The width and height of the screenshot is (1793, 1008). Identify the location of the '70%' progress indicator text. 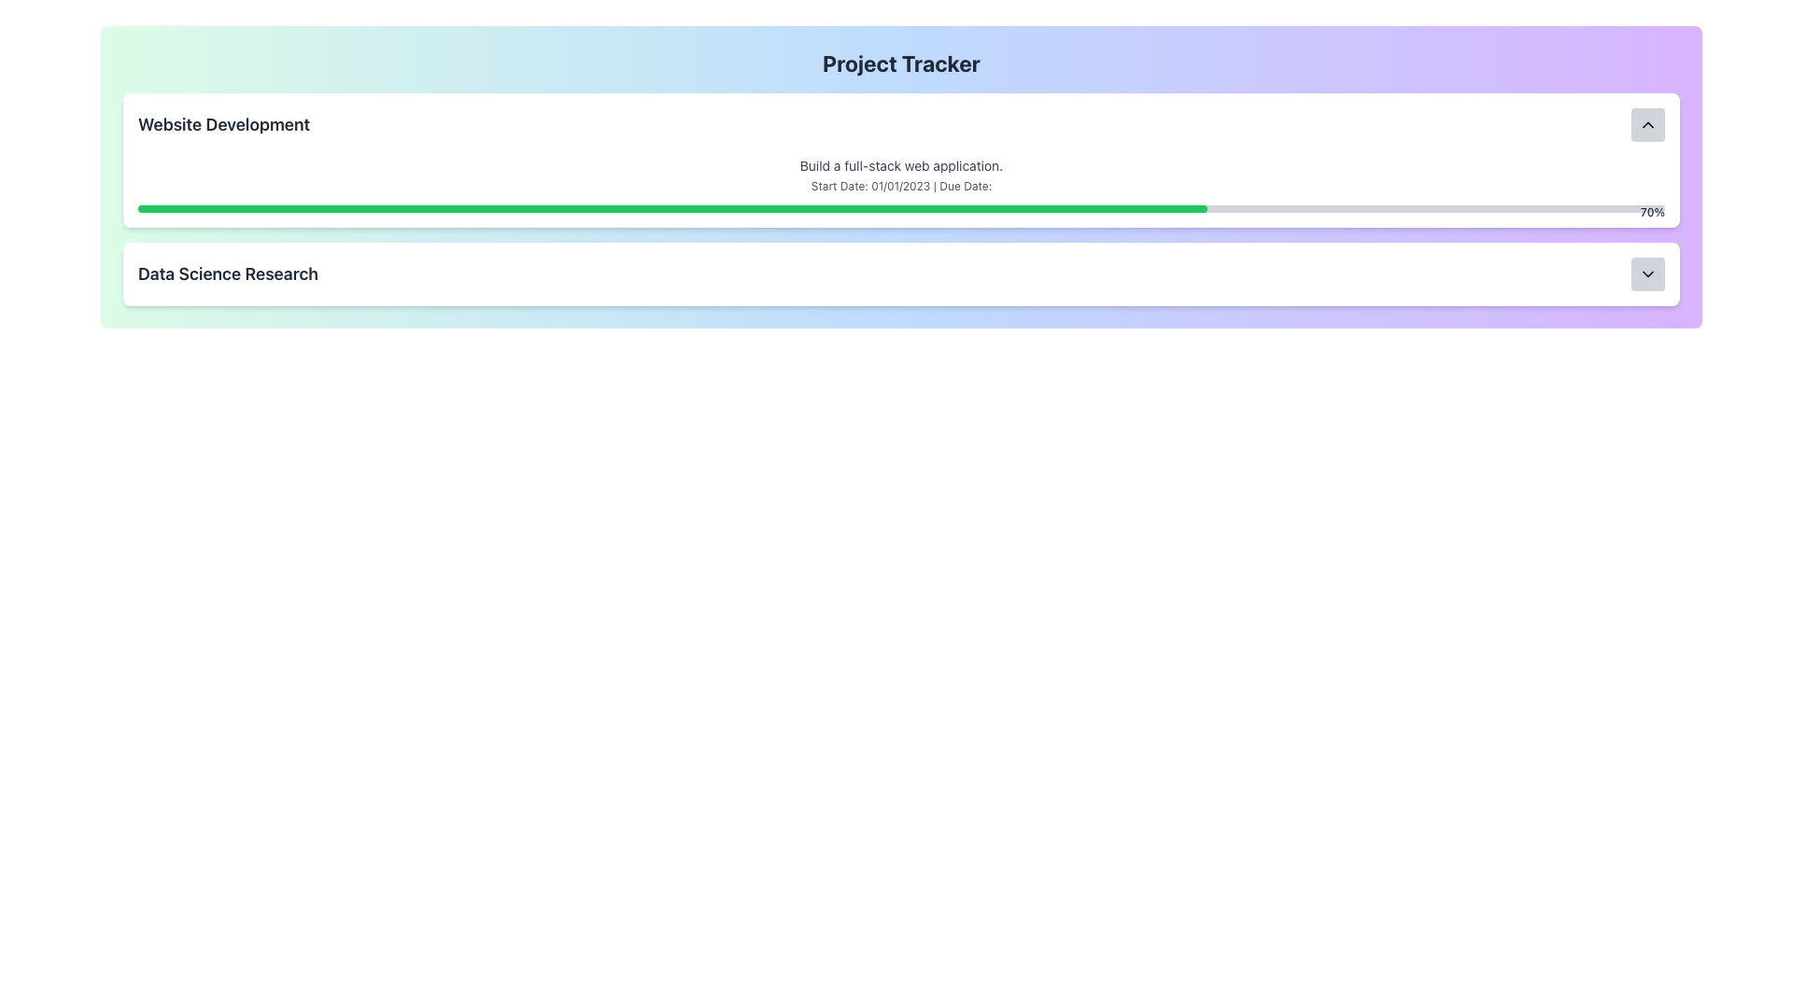
(1652, 211).